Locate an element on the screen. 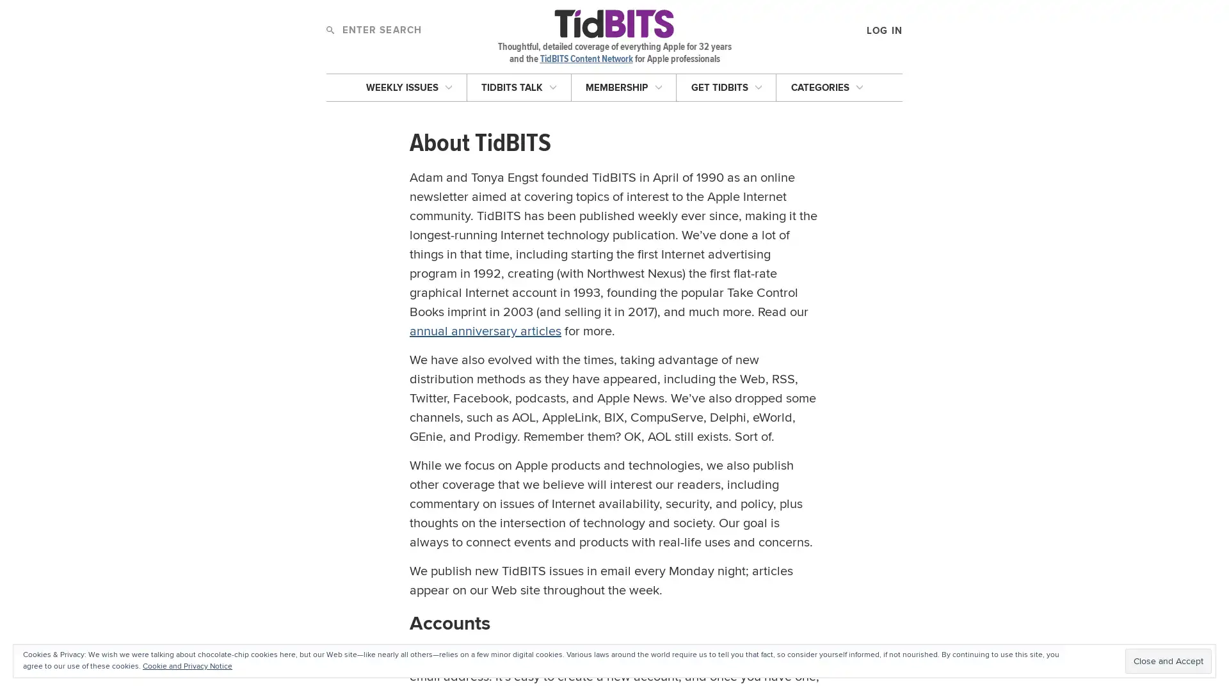  WEEKLY ISSUES is located at coordinates (408, 86).